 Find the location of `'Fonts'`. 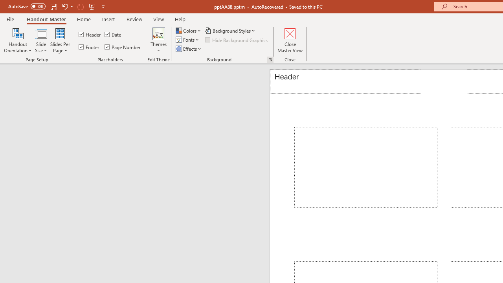

'Fonts' is located at coordinates (187, 40).